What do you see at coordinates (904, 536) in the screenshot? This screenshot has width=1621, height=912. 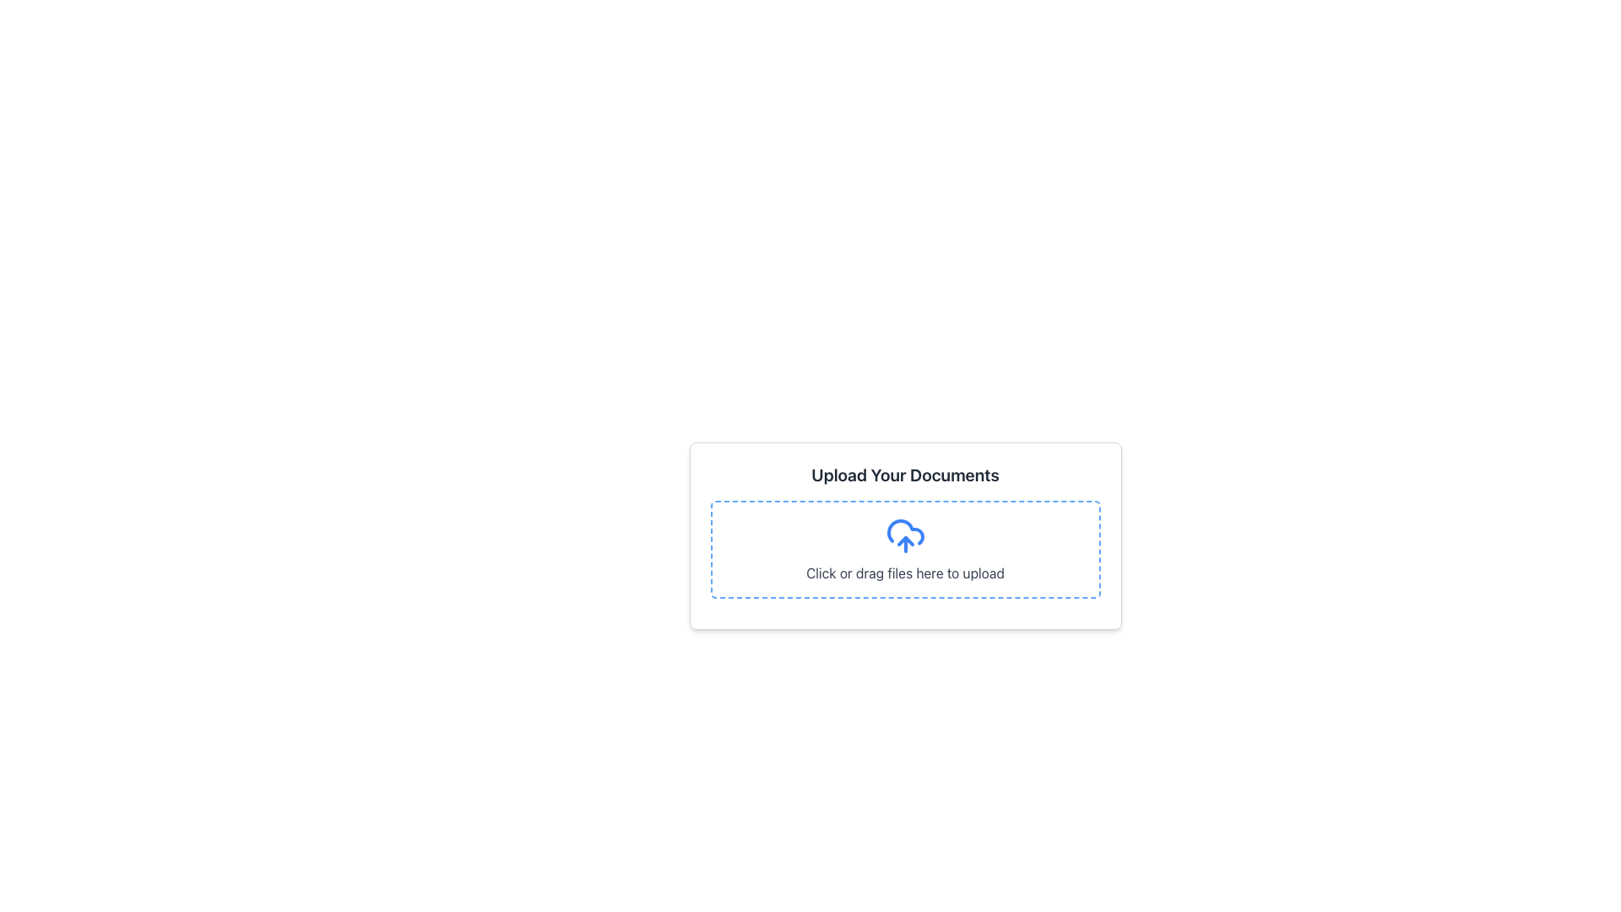 I see `the File upload zone located below the 'Upload Your Documents' header` at bounding box center [904, 536].